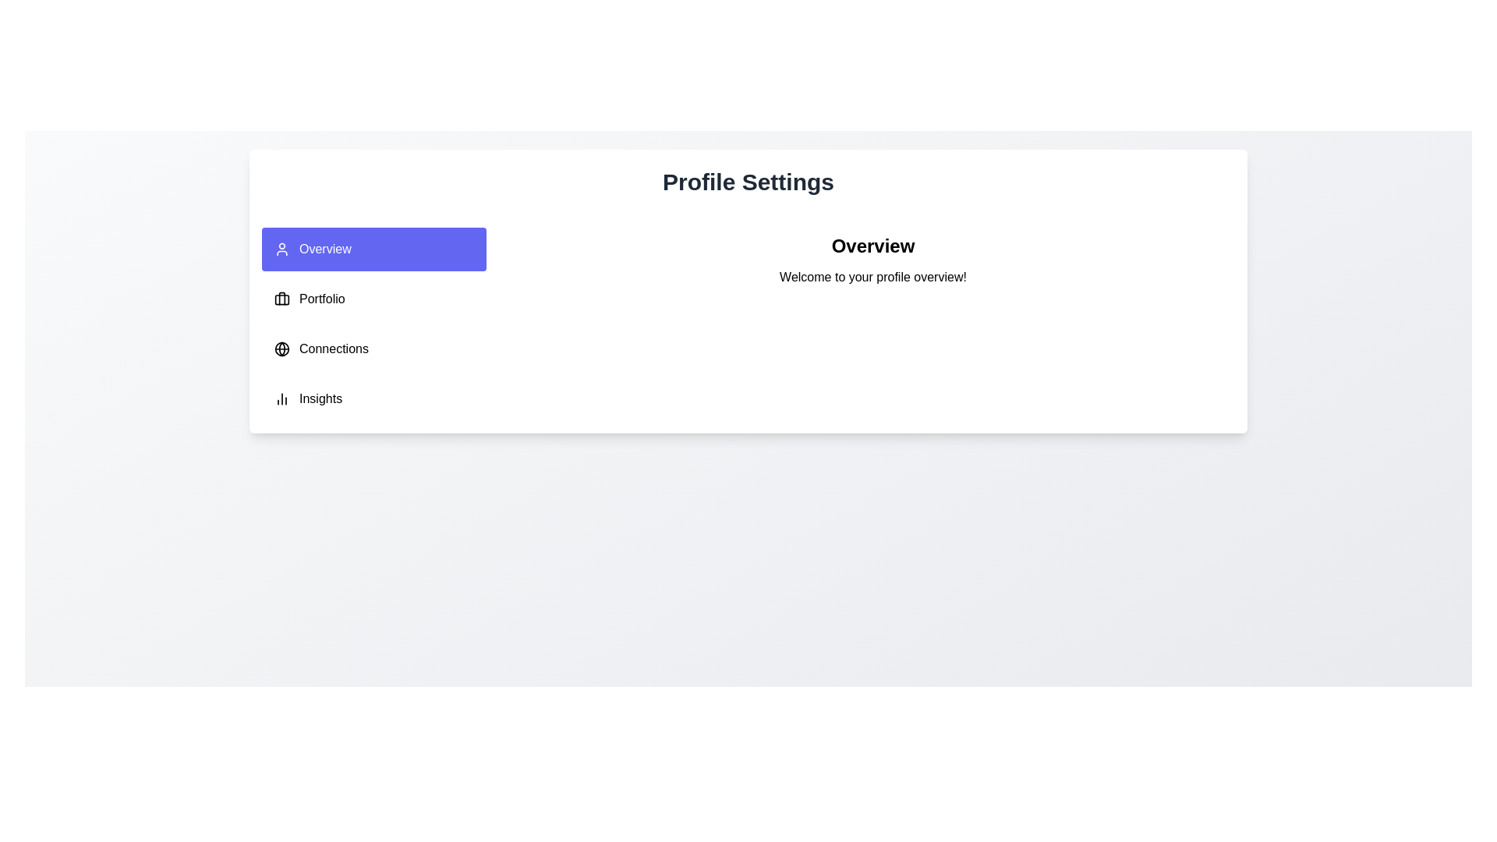 The image size is (1497, 842). Describe the element at coordinates (872, 246) in the screenshot. I see `the header of the component` at that location.